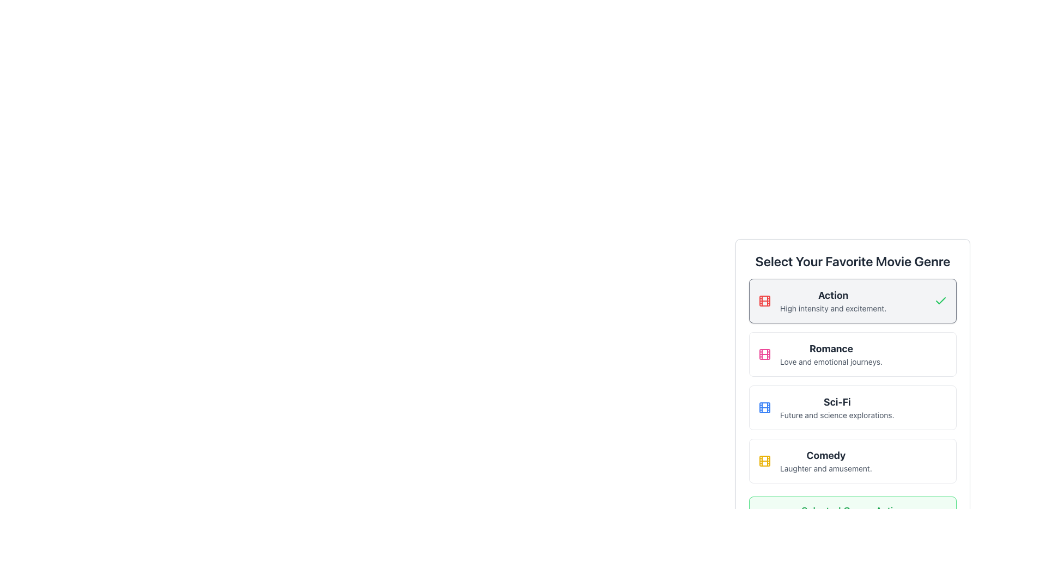  What do you see at coordinates (852, 461) in the screenshot?
I see `the selectable card element representing the 'Comedy' movie genre, which is the fourth item in the vertical list of genres` at bounding box center [852, 461].